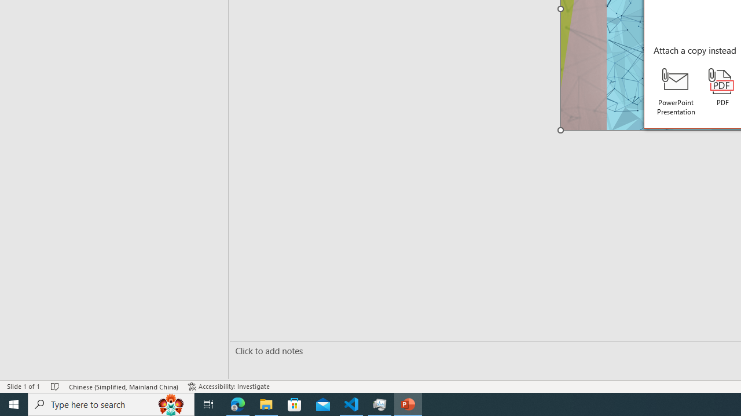 This screenshot has width=741, height=416. What do you see at coordinates (14, 403) in the screenshot?
I see `'Start'` at bounding box center [14, 403].